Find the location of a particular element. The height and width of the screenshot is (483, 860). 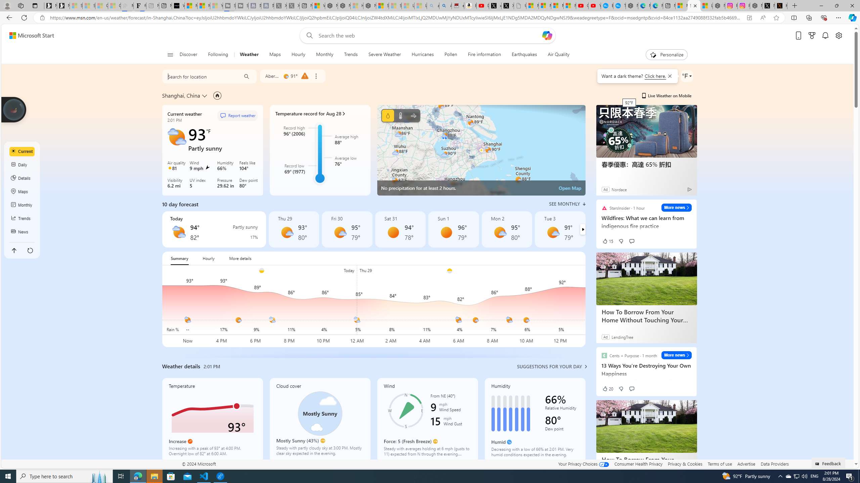

'Class: cloudCoverSvg-DS-ps0R9q' is located at coordinates (319, 413).